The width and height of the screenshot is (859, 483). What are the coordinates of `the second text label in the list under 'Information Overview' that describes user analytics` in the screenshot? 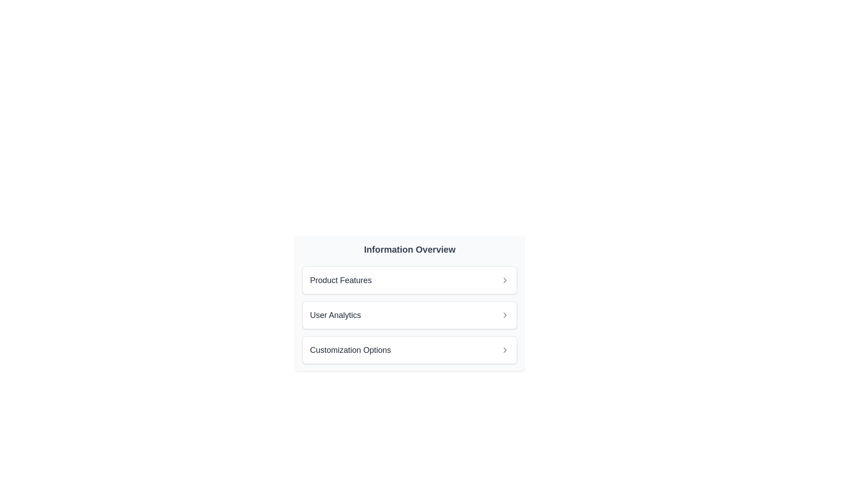 It's located at (335, 315).